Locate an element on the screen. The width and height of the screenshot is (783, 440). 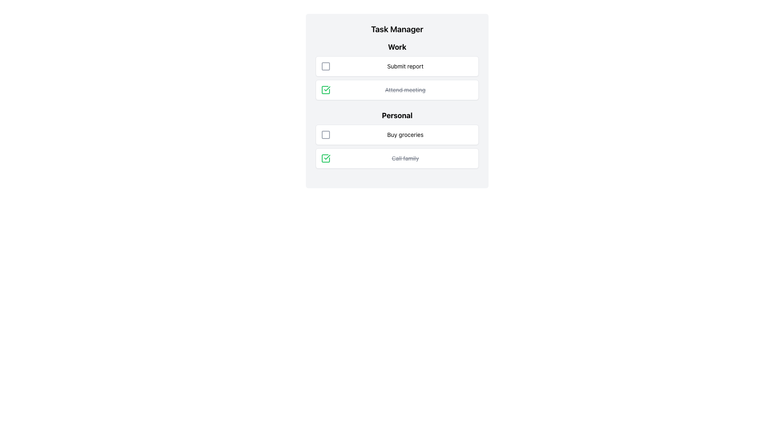
text content of the 'Submit report' label located to the right of the checkbox icon in the 'Work' section is located at coordinates (405, 66).